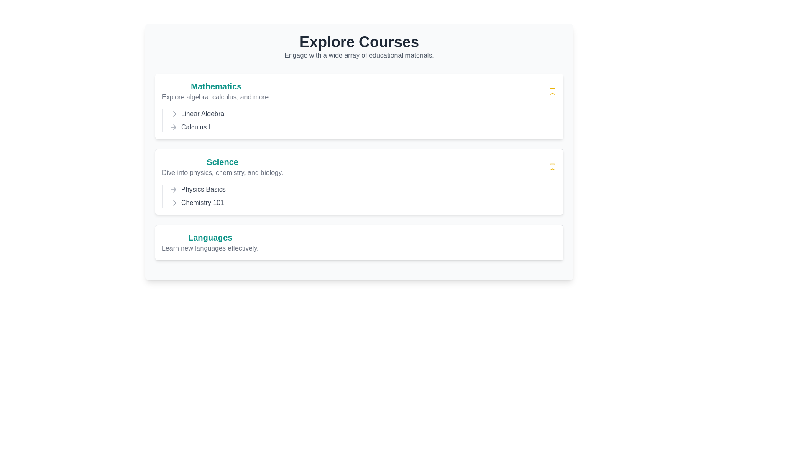 Image resolution: width=803 pixels, height=451 pixels. I want to click on the bookmark icon located on the right side of the first course section labeled 'Mathematics', so click(552, 91).